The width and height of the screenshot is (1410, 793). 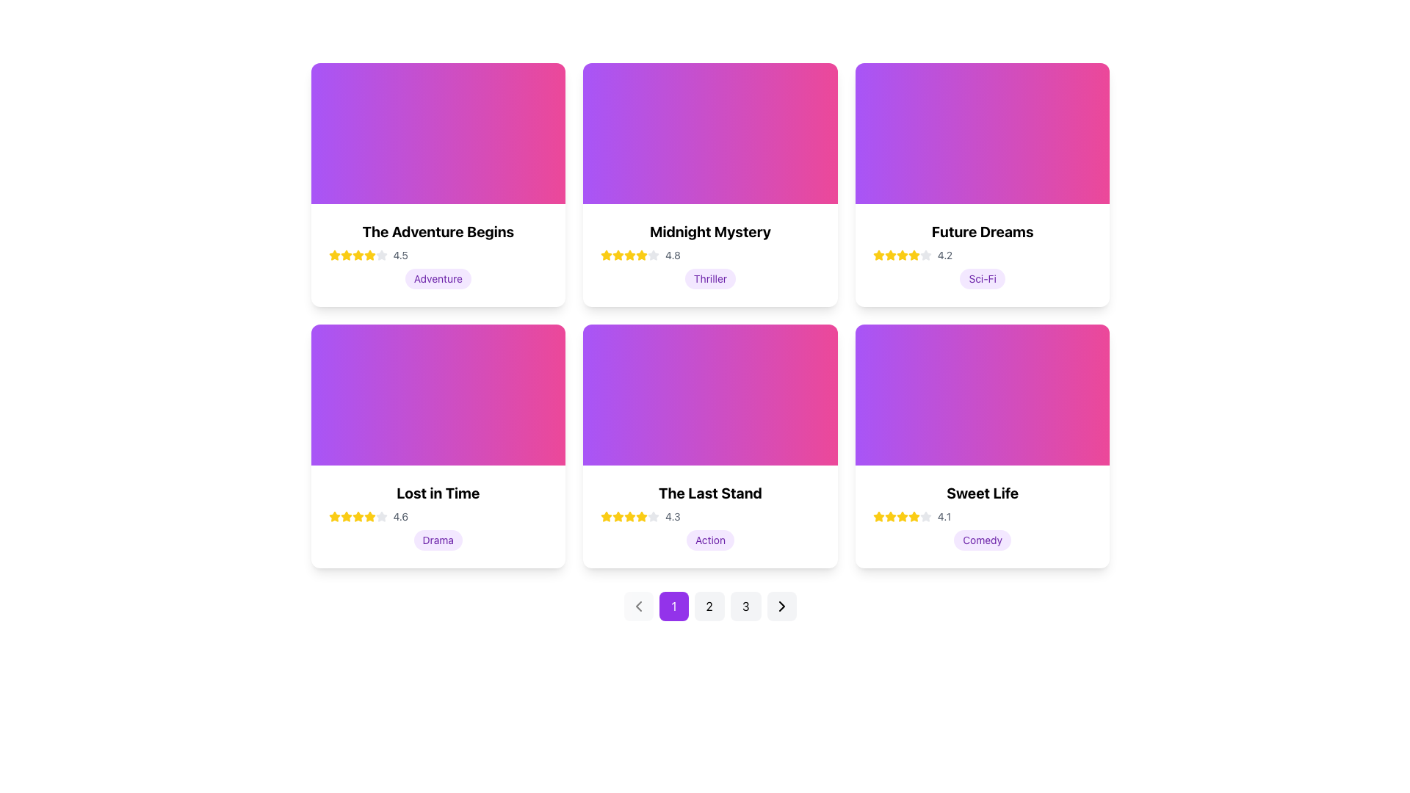 I want to click on the third yellow star icon in the rating section for the movie 'Future Dreams', so click(x=901, y=254).